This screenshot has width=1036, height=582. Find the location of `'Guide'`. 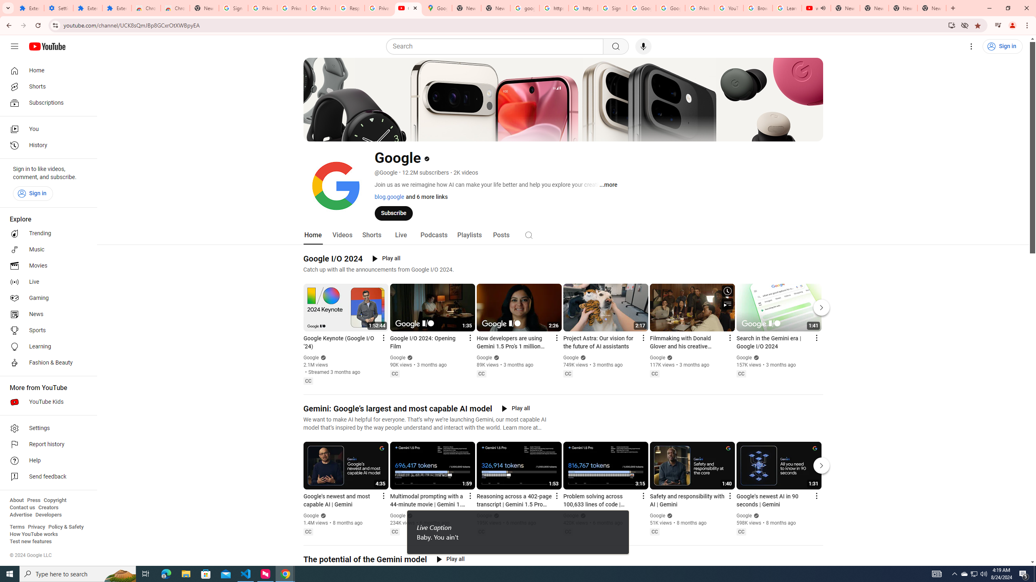

'Guide' is located at coordinates (14, 46).